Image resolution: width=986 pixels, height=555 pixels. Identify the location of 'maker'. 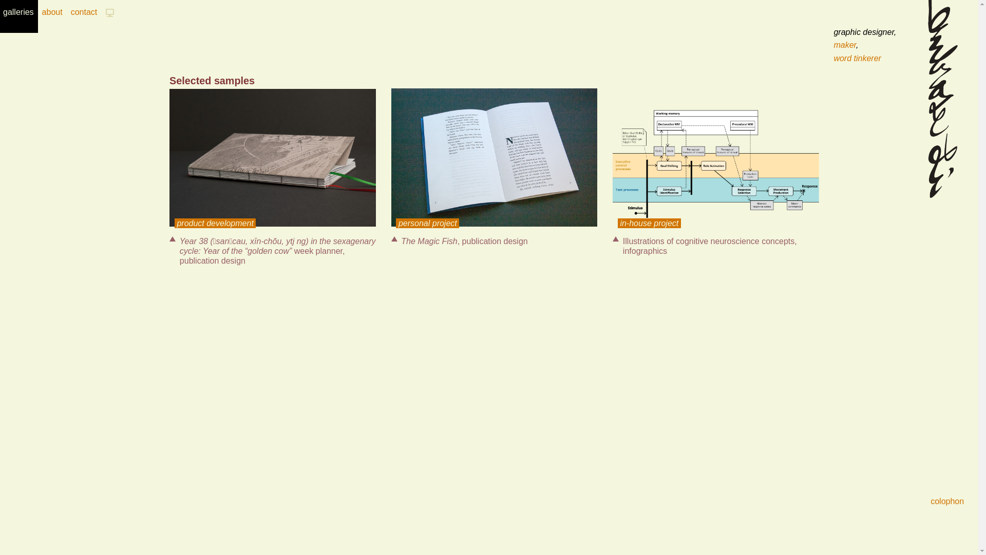
(845, 44).